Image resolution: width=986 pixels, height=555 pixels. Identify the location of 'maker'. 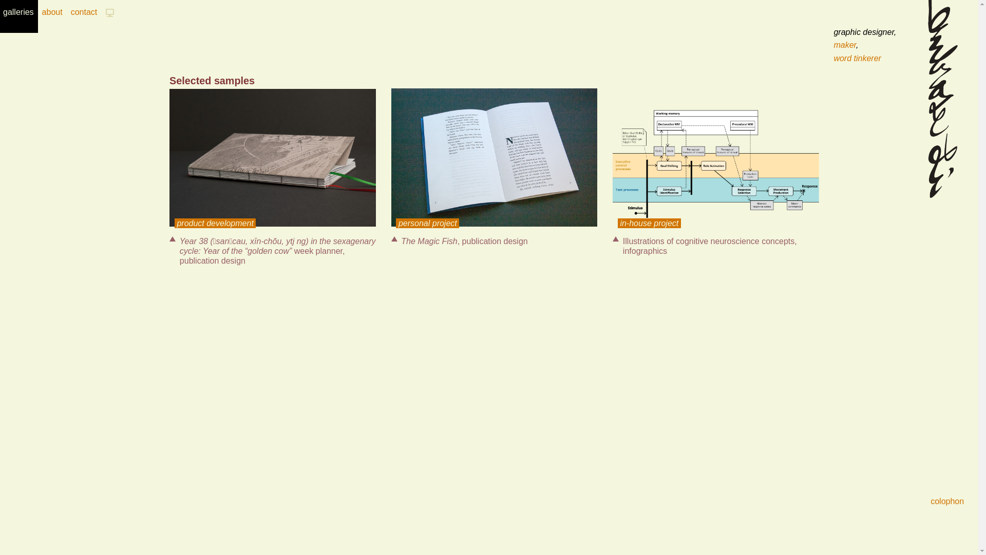
(845, 44).